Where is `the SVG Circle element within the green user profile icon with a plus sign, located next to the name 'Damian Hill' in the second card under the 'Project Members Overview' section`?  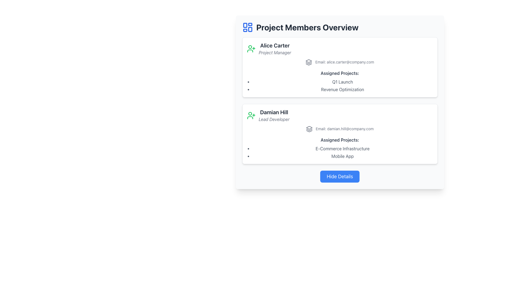 the SVG Circle element within the green user profile icon with a plus sign, located next to the name 'Damian Hill' in the second card under the 'Project Members Overview' section is located at coordinates (250, 113).